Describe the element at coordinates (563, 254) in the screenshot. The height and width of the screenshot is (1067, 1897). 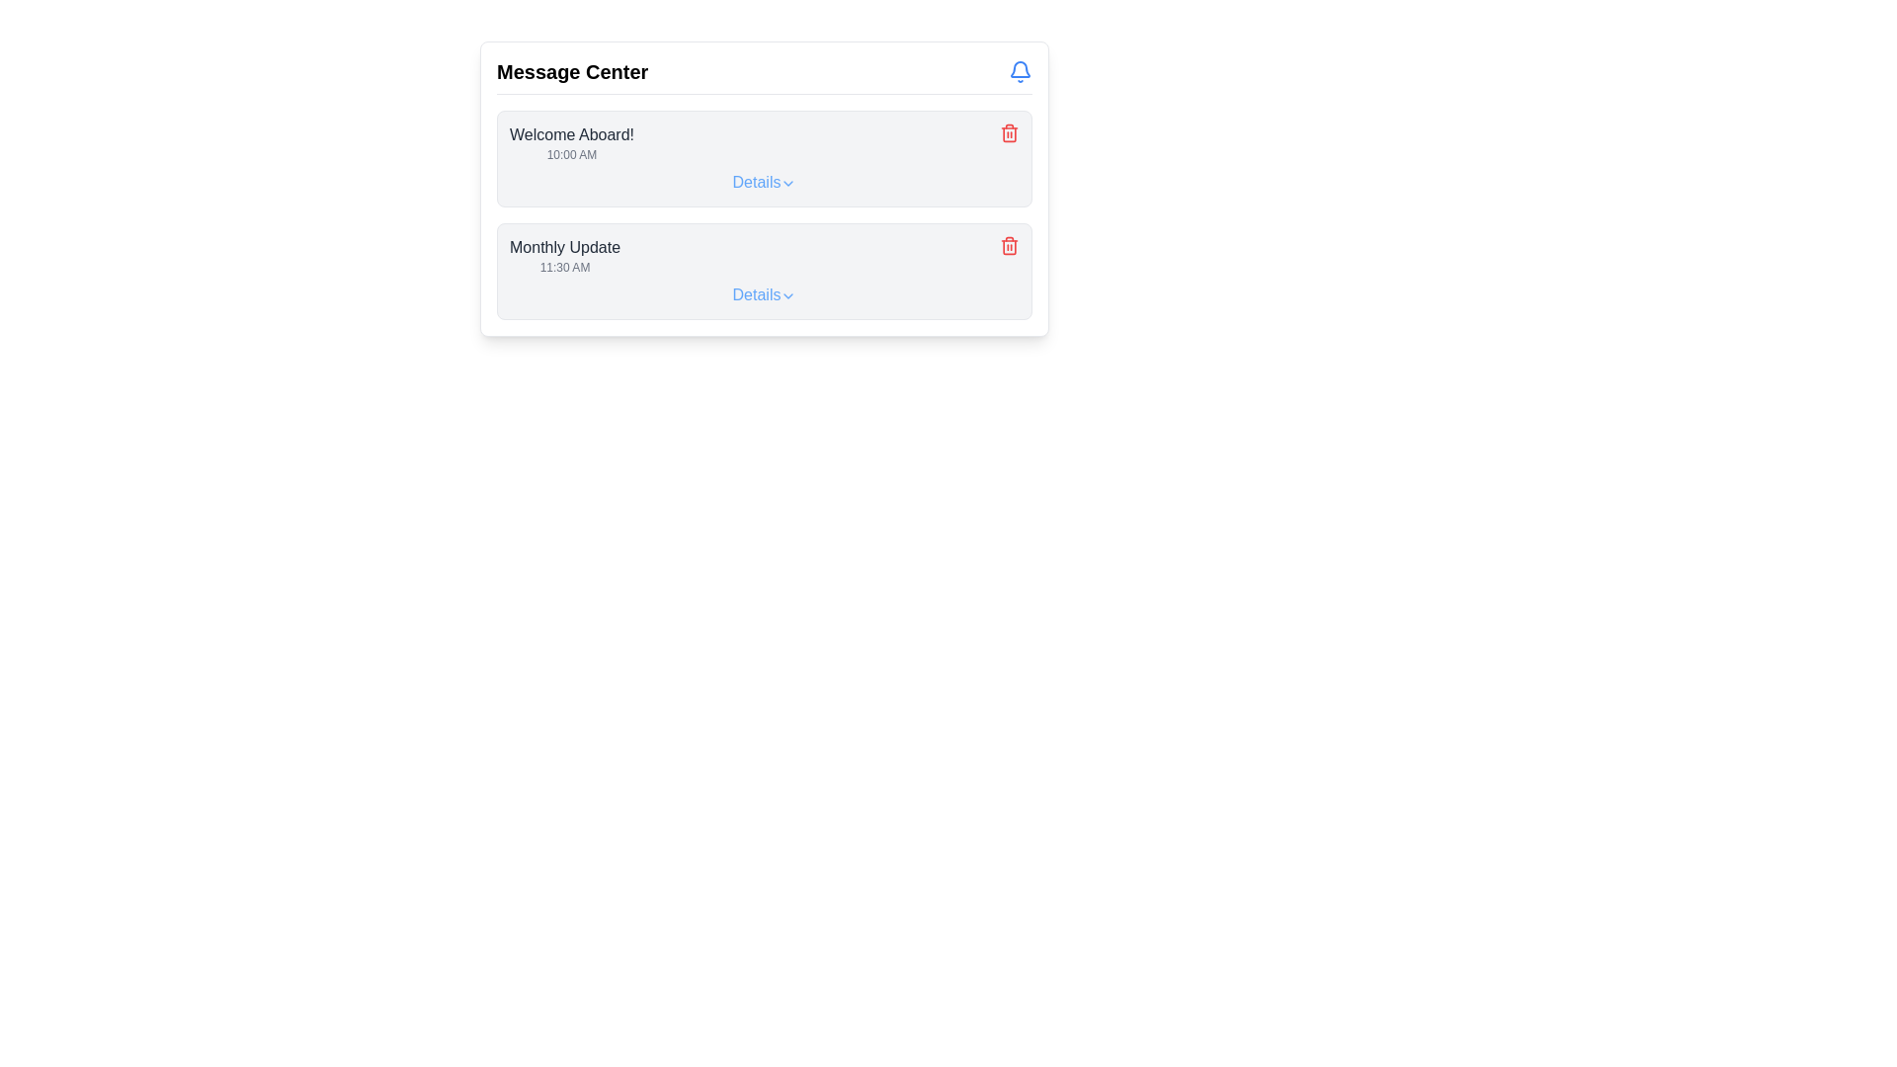
I see `the text label displaying 'Monthly Update' with its timestamp '11:30 AM', which is the second card in the message list under 'Message Center'` at that location.